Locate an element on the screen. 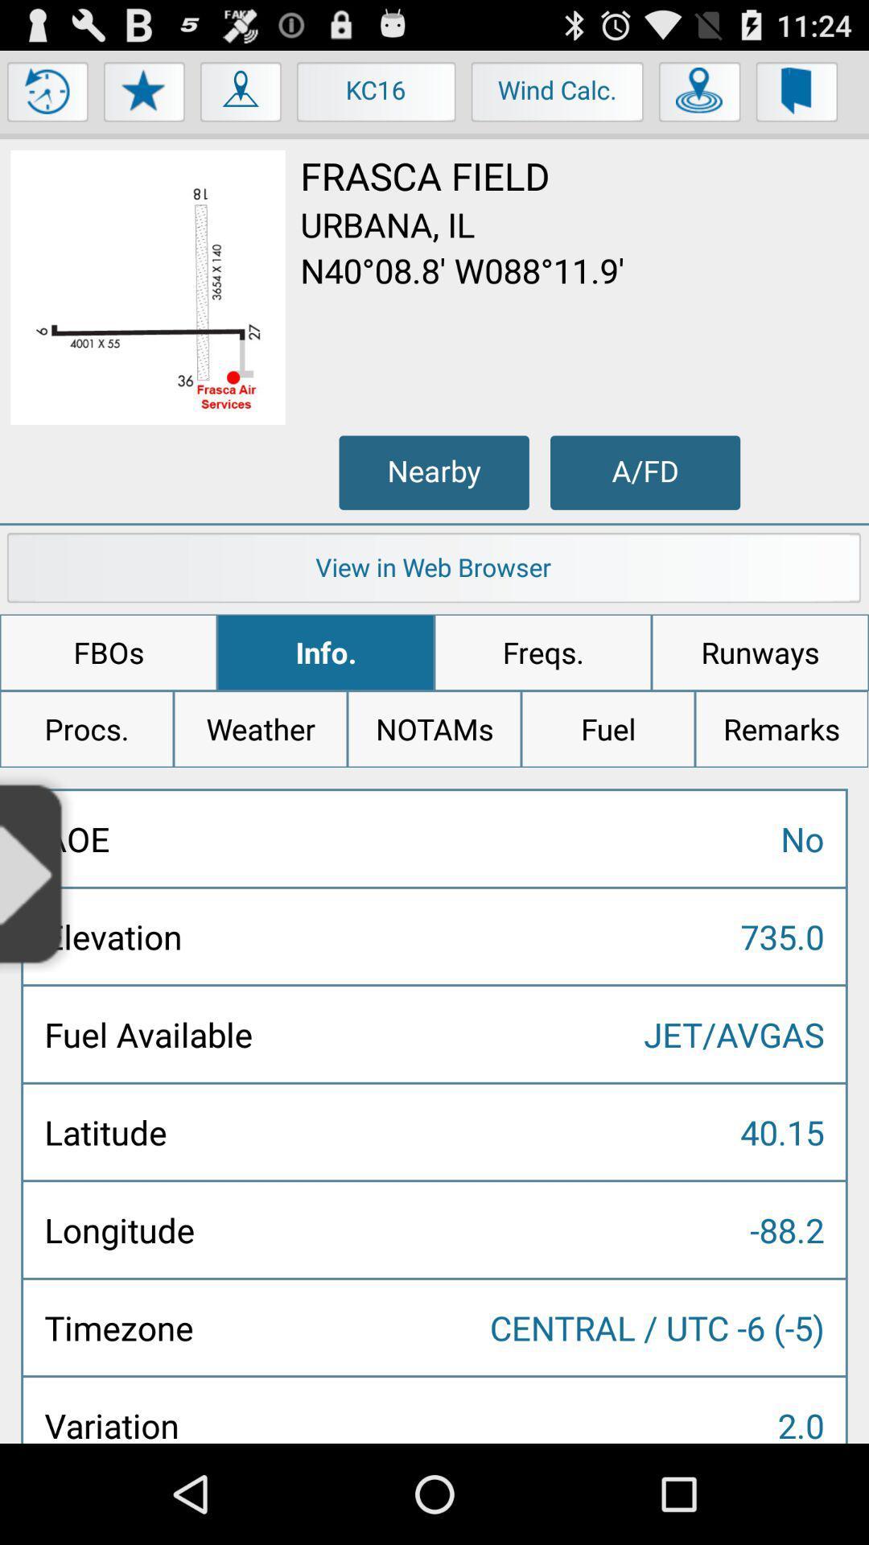 The image size is (869, 1545). the app to the right of weather item is located at coordinates (434, 728).